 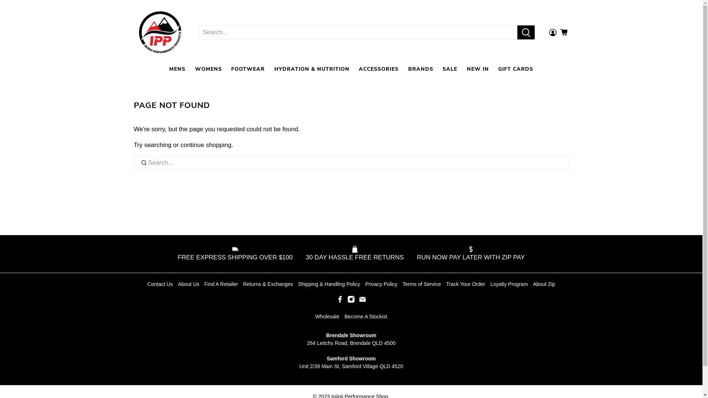 What do you see at coordinates (381, 284) in the screenshot?
I see `'Privacy Policy'` at bounding box center [381, 284].